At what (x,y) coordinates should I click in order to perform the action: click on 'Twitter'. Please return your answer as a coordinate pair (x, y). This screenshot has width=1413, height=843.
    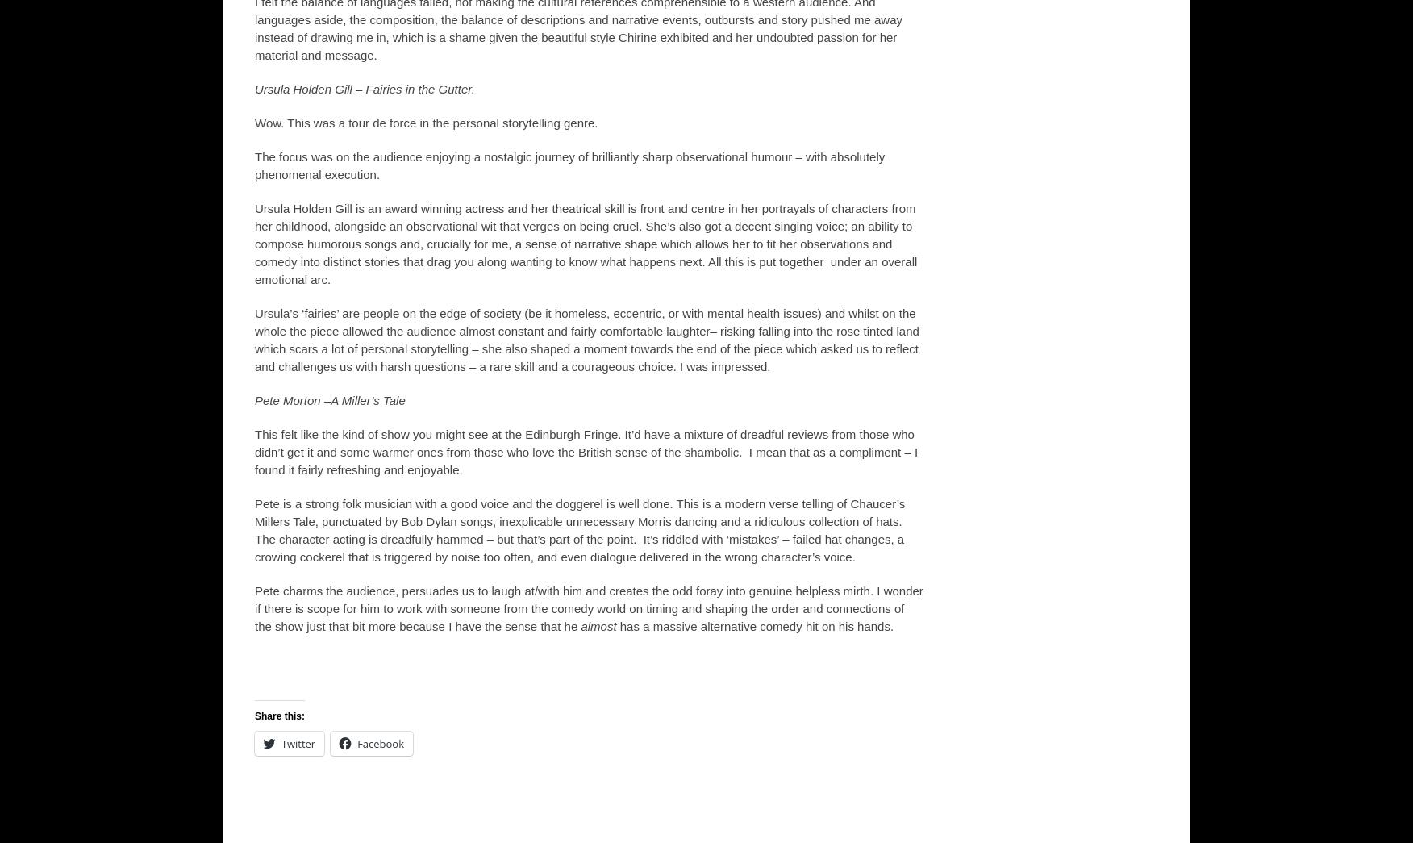
    Looking at the image, I should click on (298, 742).